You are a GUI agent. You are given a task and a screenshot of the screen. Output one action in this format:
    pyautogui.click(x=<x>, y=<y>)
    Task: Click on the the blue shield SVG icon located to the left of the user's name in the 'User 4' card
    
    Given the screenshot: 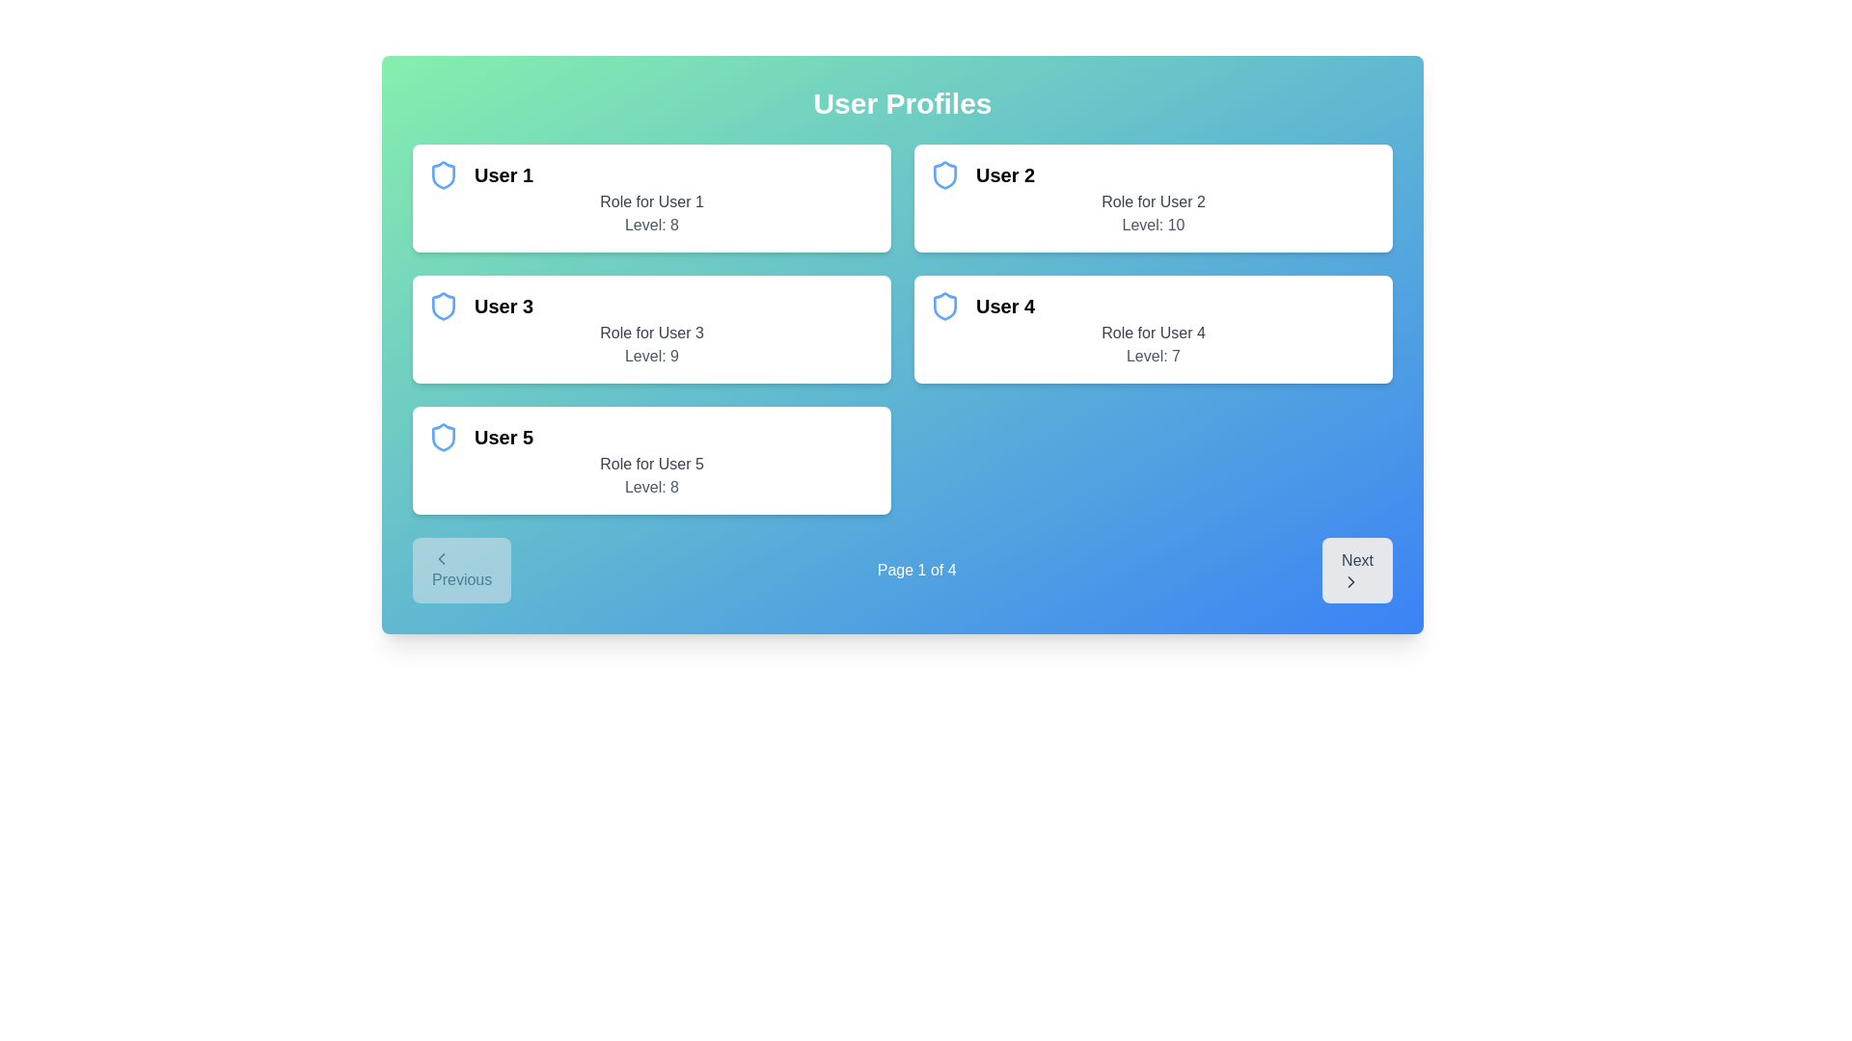 What is the action you would take?
    pyautogui.click(x=944, y=305)
    